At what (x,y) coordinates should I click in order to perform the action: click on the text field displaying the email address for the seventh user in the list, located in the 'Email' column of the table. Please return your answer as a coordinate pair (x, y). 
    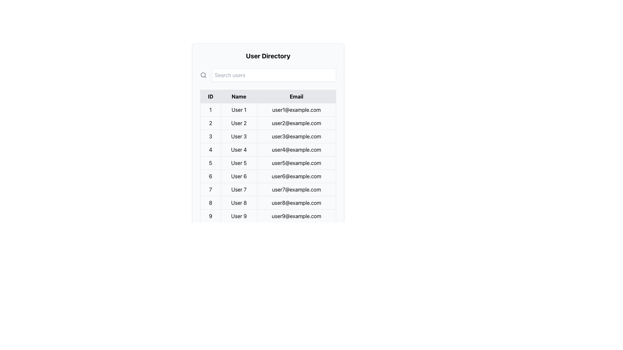
    Looking at the image, I should click on (296, 190).